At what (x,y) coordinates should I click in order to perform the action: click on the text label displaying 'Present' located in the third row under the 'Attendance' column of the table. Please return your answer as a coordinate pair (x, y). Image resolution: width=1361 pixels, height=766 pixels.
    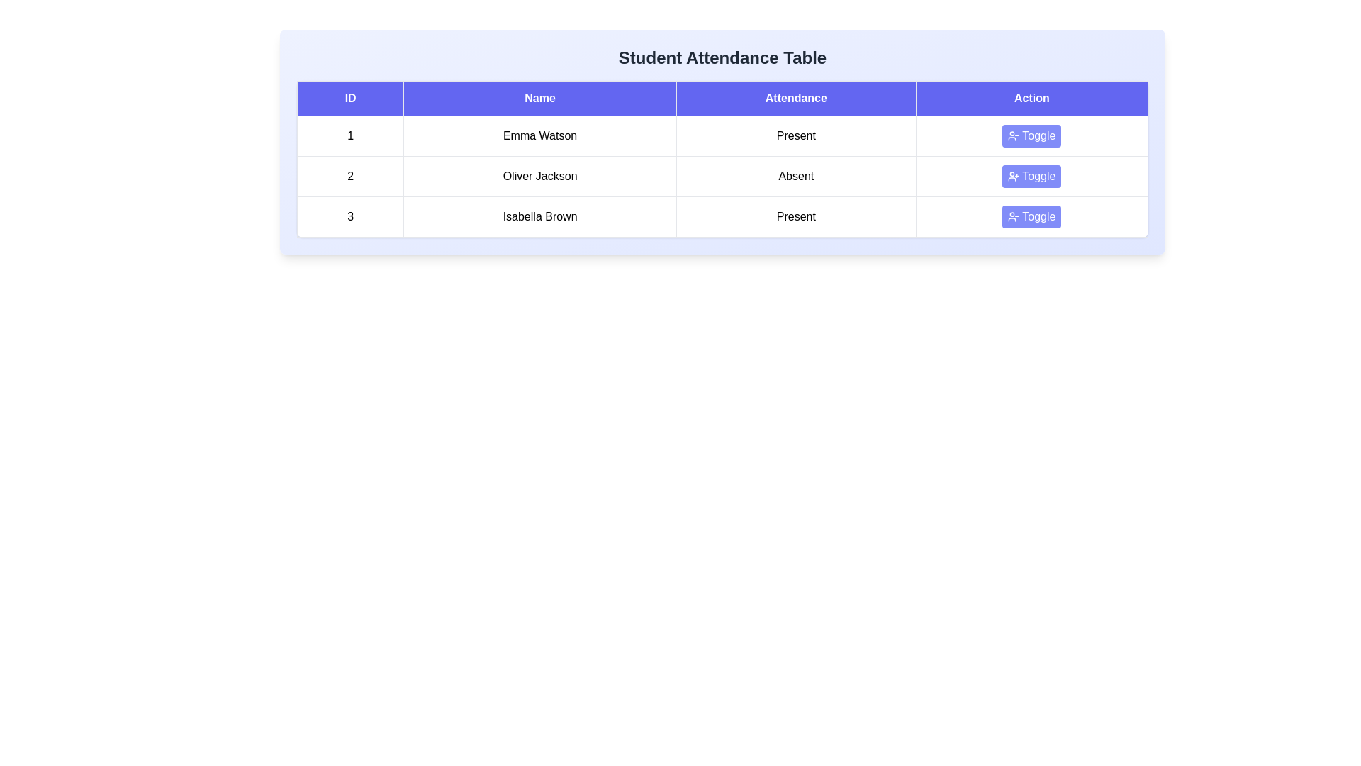
    Looking at the image, I should click on (796, 216).